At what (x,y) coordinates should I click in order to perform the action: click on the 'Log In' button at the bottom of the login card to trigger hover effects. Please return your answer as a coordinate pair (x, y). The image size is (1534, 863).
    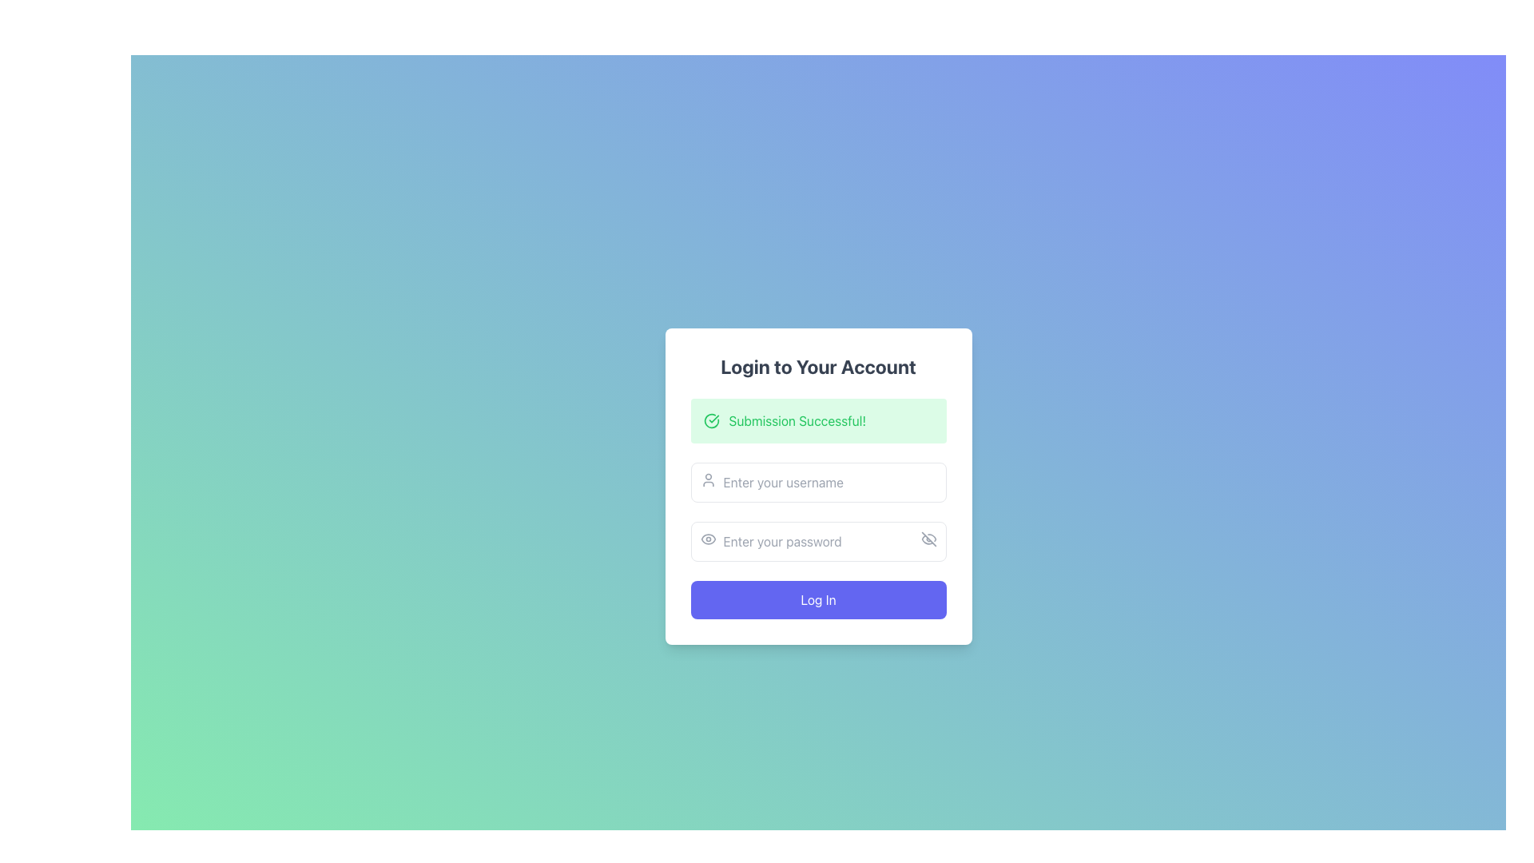
    Looking at the image, I should click on (818, 600).